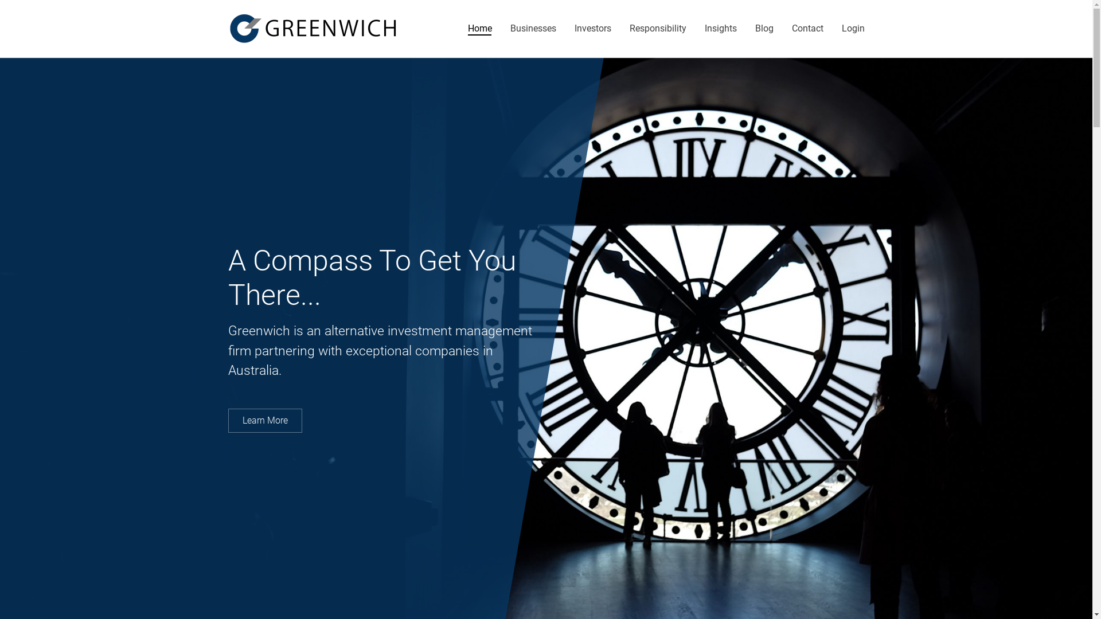 The width and height of the screenshot is (1101, 619). I want to click on 'Insights', so click(704, 28).